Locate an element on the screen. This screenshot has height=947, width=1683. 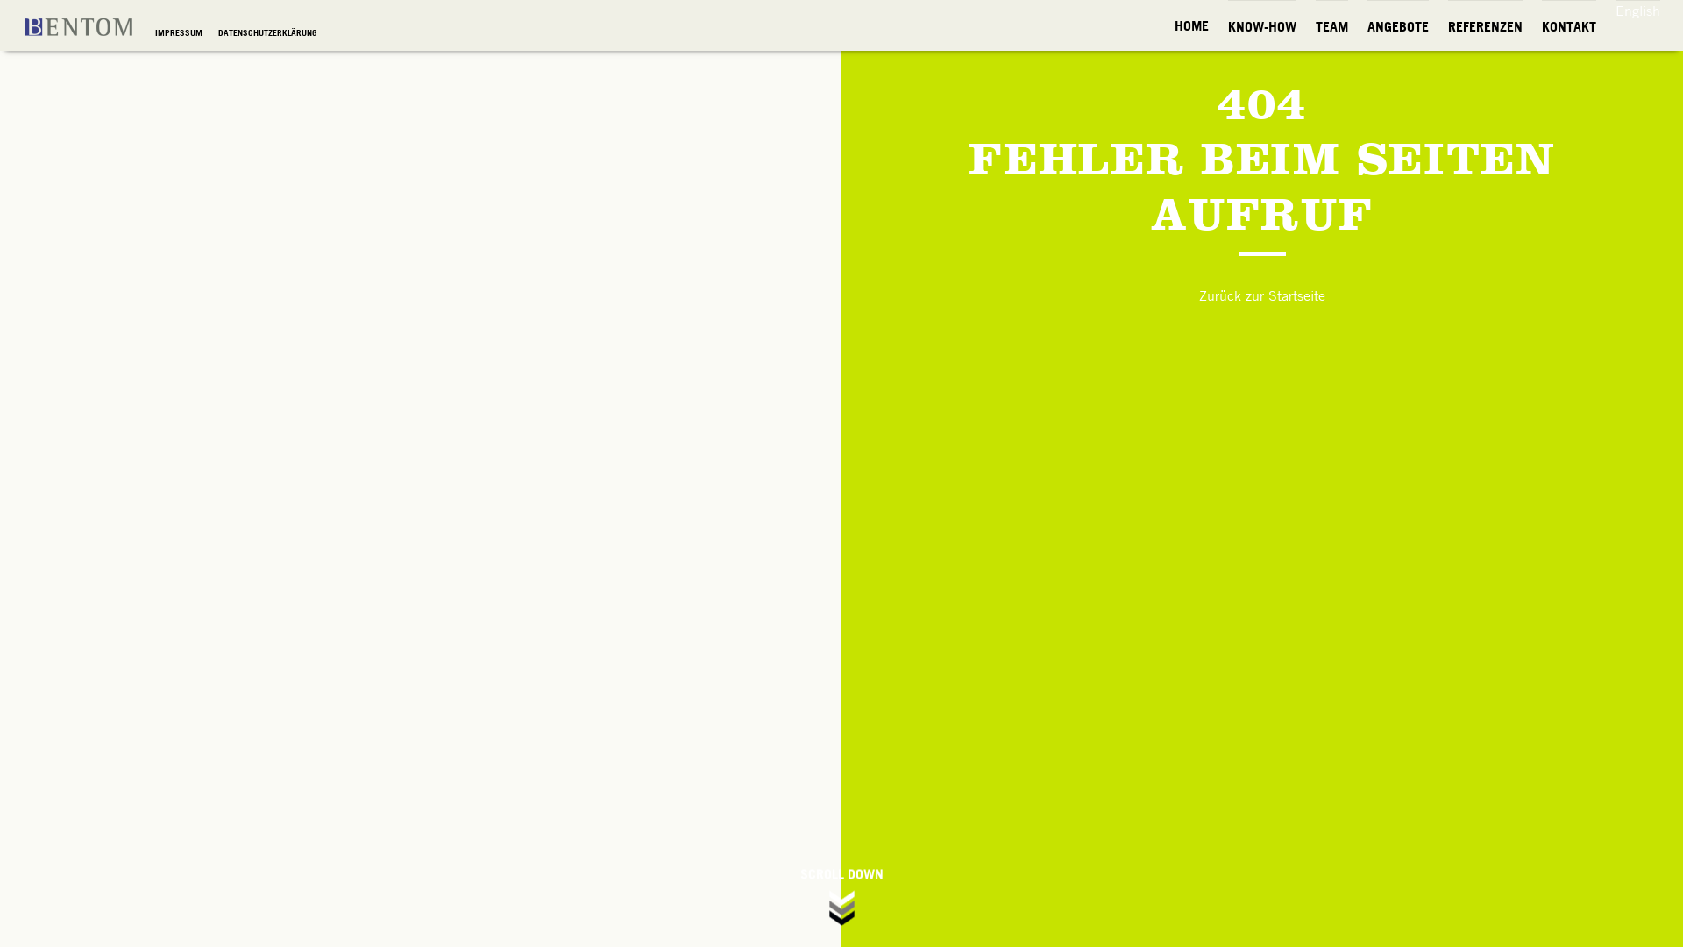
'HOME' is located at coordinates (1191, 25).